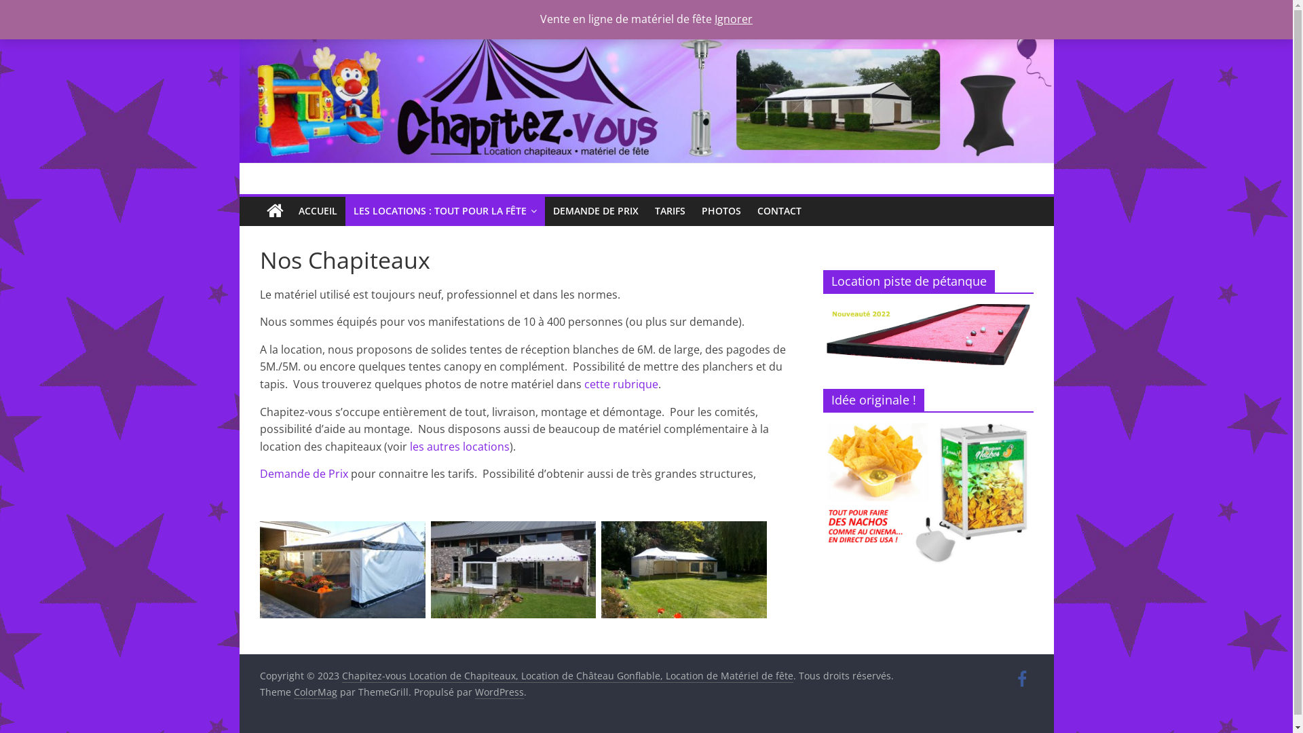  Describe the element at coordinates (459, 447) in the screenshot. I see `'les autres locations'` at that location.